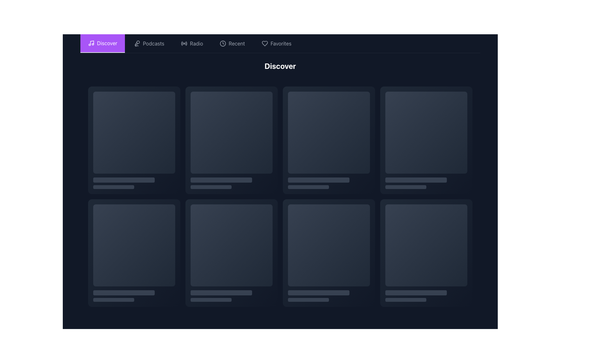 The width and height of the screenshot is (615, 346). What do you see at coordinates (223, 43) in the screenshot?
I see `the Circle SVG element that represents the clock's face in the navigation bar near the 'Recent' label` at bounding box center [223, 43].